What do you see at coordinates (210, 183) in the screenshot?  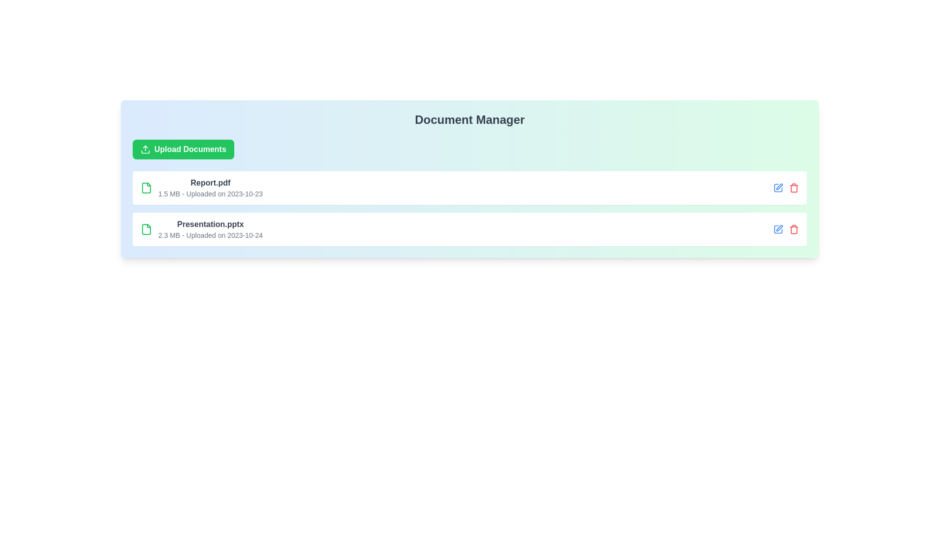 I see `the text label 'Report.pdf', which is displayed in bold and darker gray font, positioned at the top-left corner of its card-like structure, above the metadata details` at bounding box center [210, 183].